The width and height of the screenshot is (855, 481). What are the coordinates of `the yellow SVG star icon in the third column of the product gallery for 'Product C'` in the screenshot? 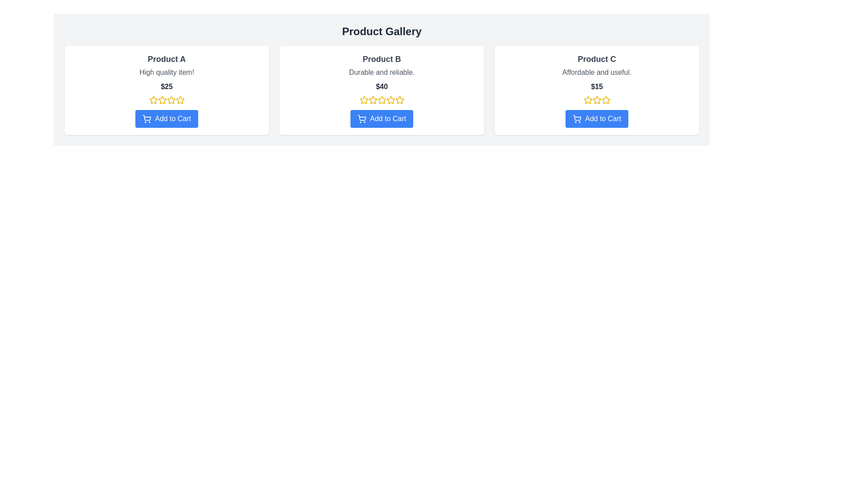 It's located at (588, 100).